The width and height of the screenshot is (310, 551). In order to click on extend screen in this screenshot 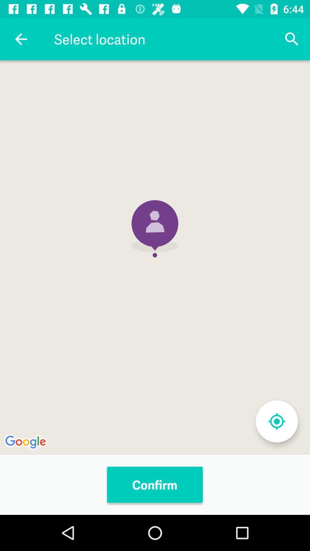, I will do `click(276, 421)`.